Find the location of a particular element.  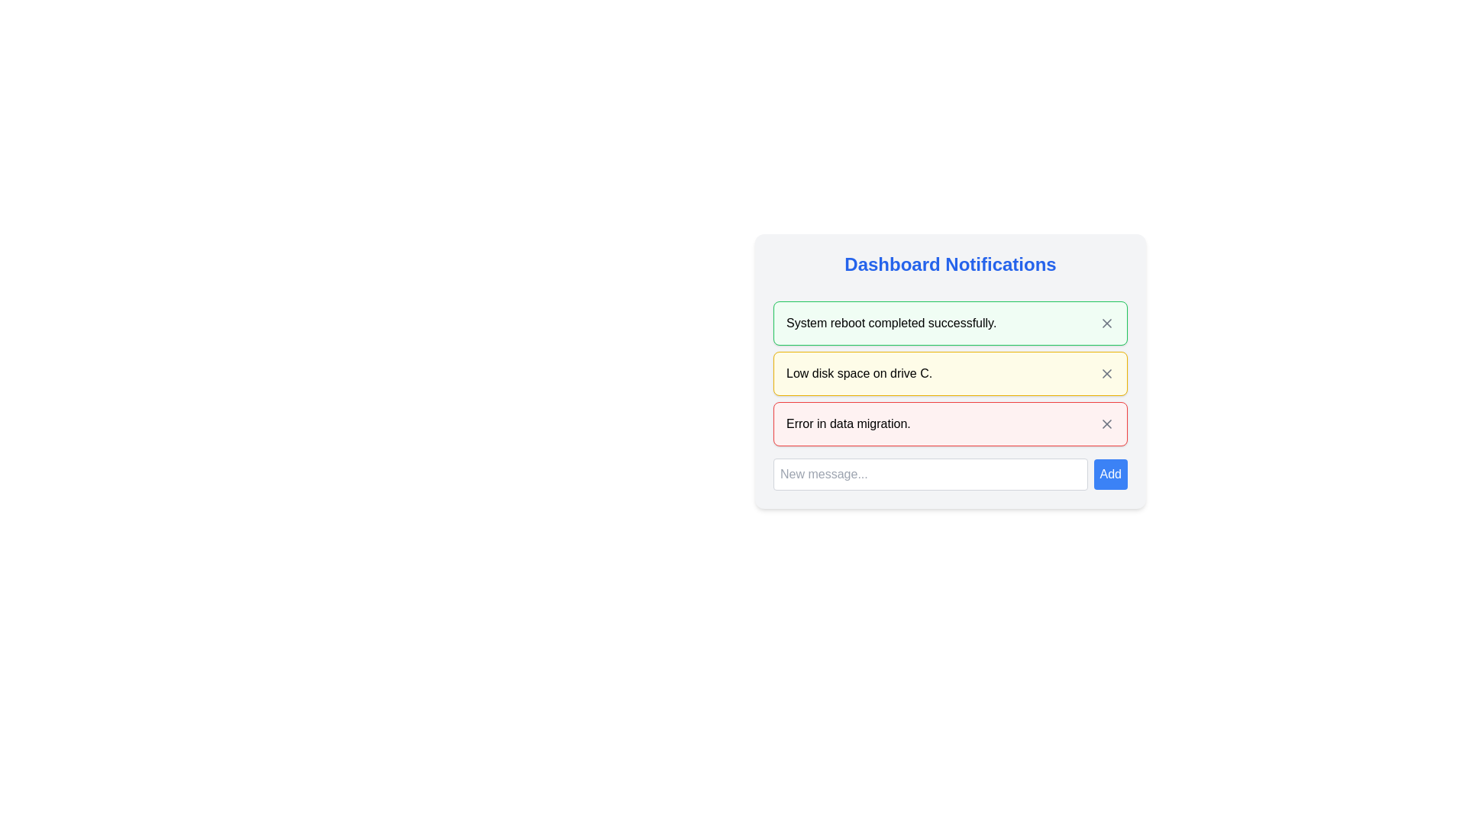

the text label displaying 'System reboot completed successfully.' within the green-bordered notification box in the 'Dashboard Notifications' interface is located at coordinates (891, 323).